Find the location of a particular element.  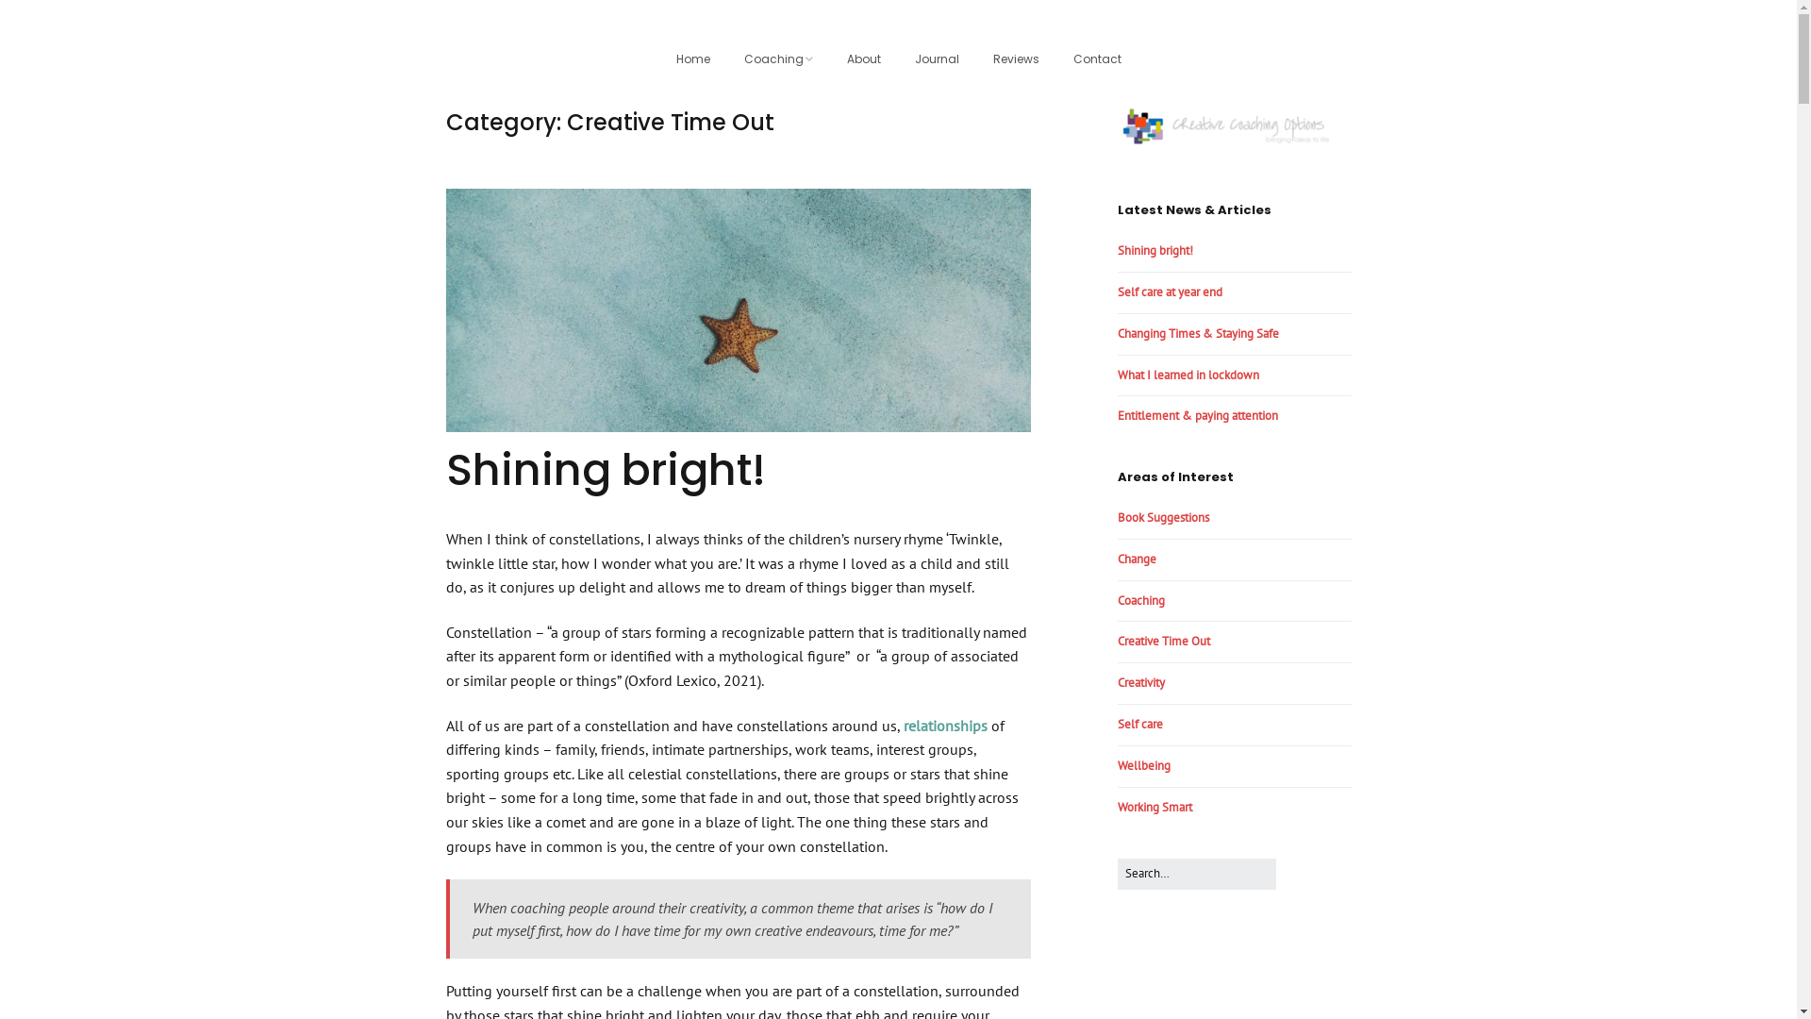

'Press Enter to submit your search' is located at coordinates (1117, 874).